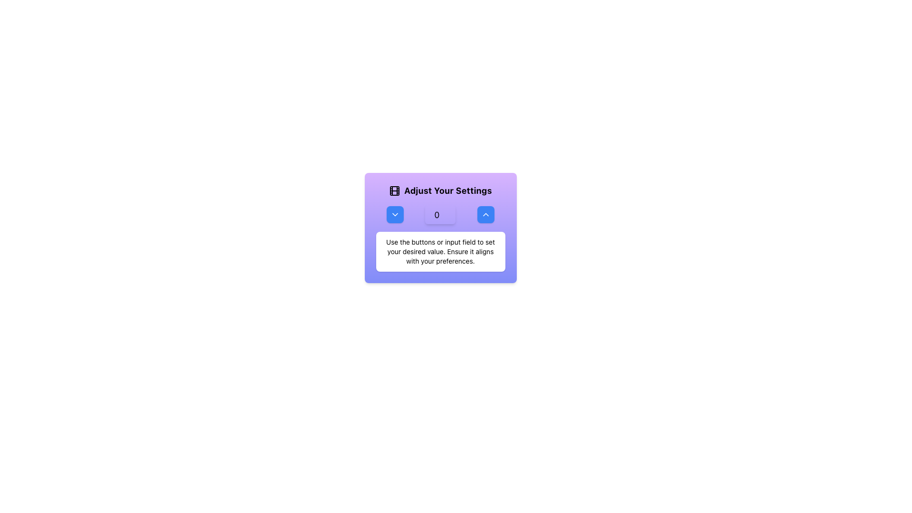 This screenshot has width=912, height=513. What do you see at coordinates (485, 214) in the screenshot?
I see `the increment control button, which is a blue button located at the rightmost position among the three control elements in the modal` at bounding box center [485, 214].